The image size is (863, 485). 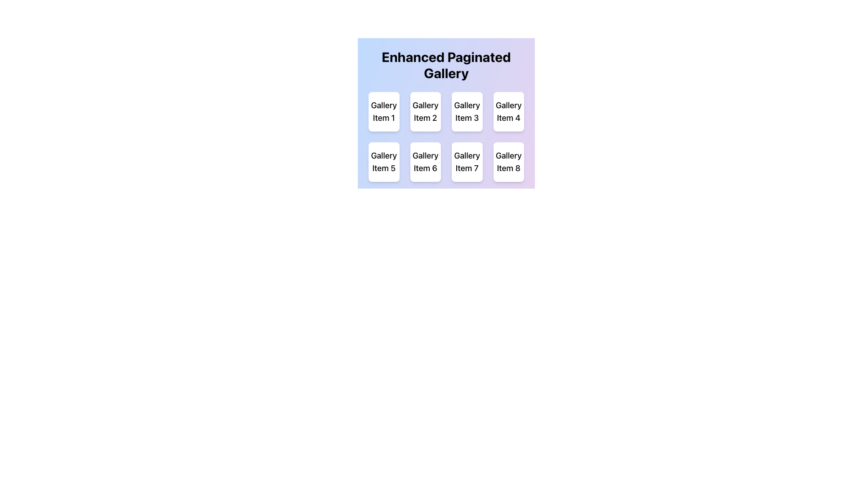 What do you see at coordinates (425, 111) in the screenshot?
I see `the gallery item card, which is the second item in the first row of a 4-column grid layout` at bounding box center [425, 111].